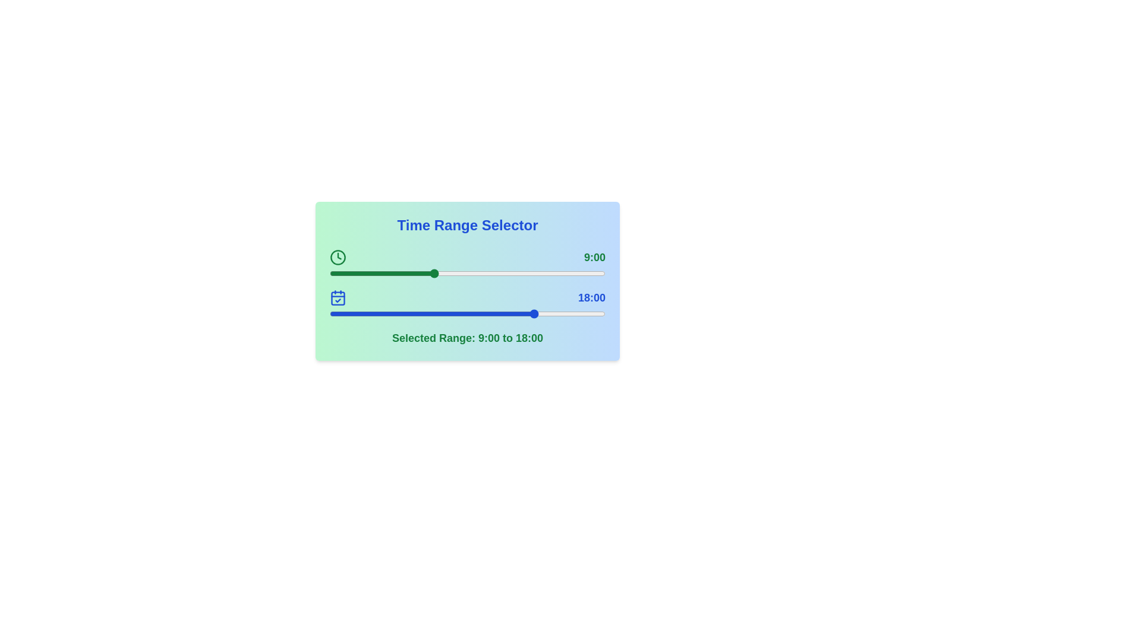 The image size is (1141, 641). I want to click on time range, so click(524, 313).